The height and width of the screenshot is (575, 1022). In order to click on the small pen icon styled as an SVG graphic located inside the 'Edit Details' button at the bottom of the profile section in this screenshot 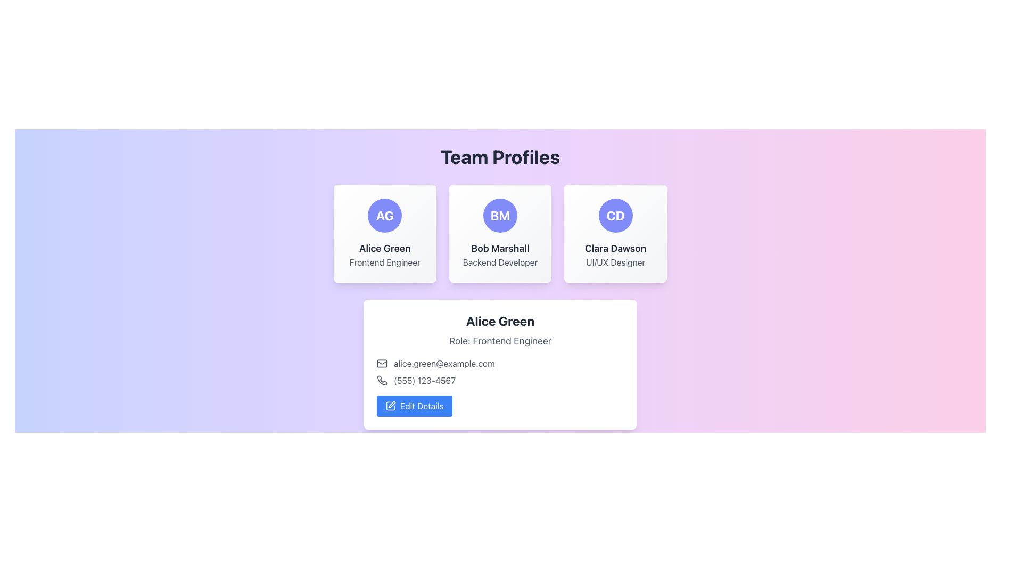, I will do `click(391, 405)`.